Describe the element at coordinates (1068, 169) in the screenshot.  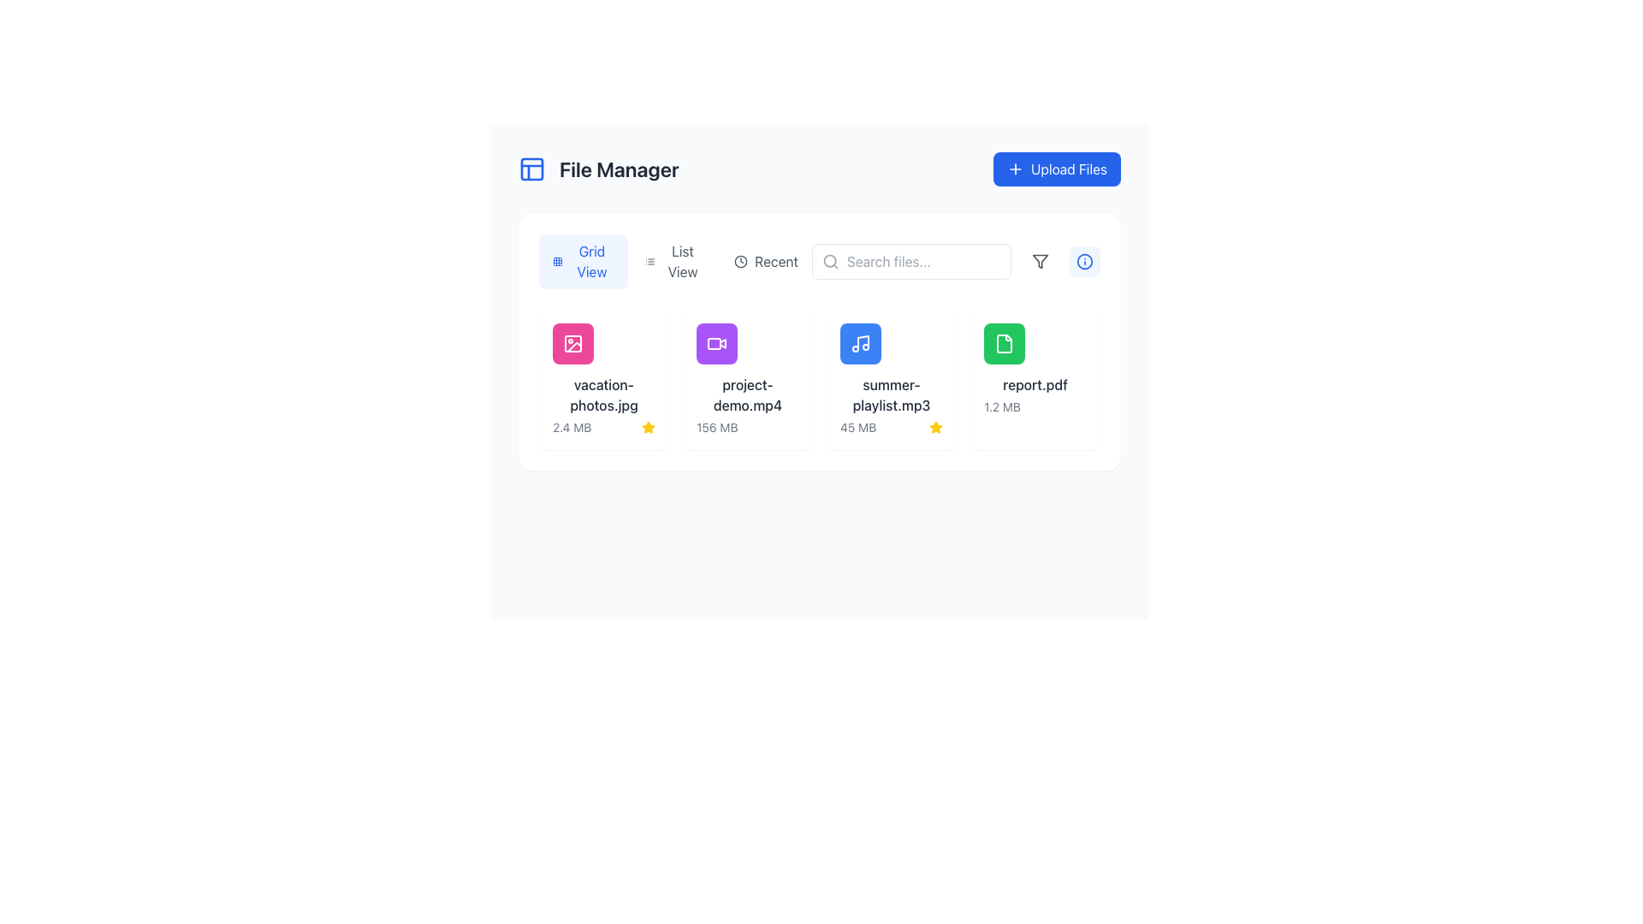
I see `the 'Upload Files' text label inside the blue button` at that location.